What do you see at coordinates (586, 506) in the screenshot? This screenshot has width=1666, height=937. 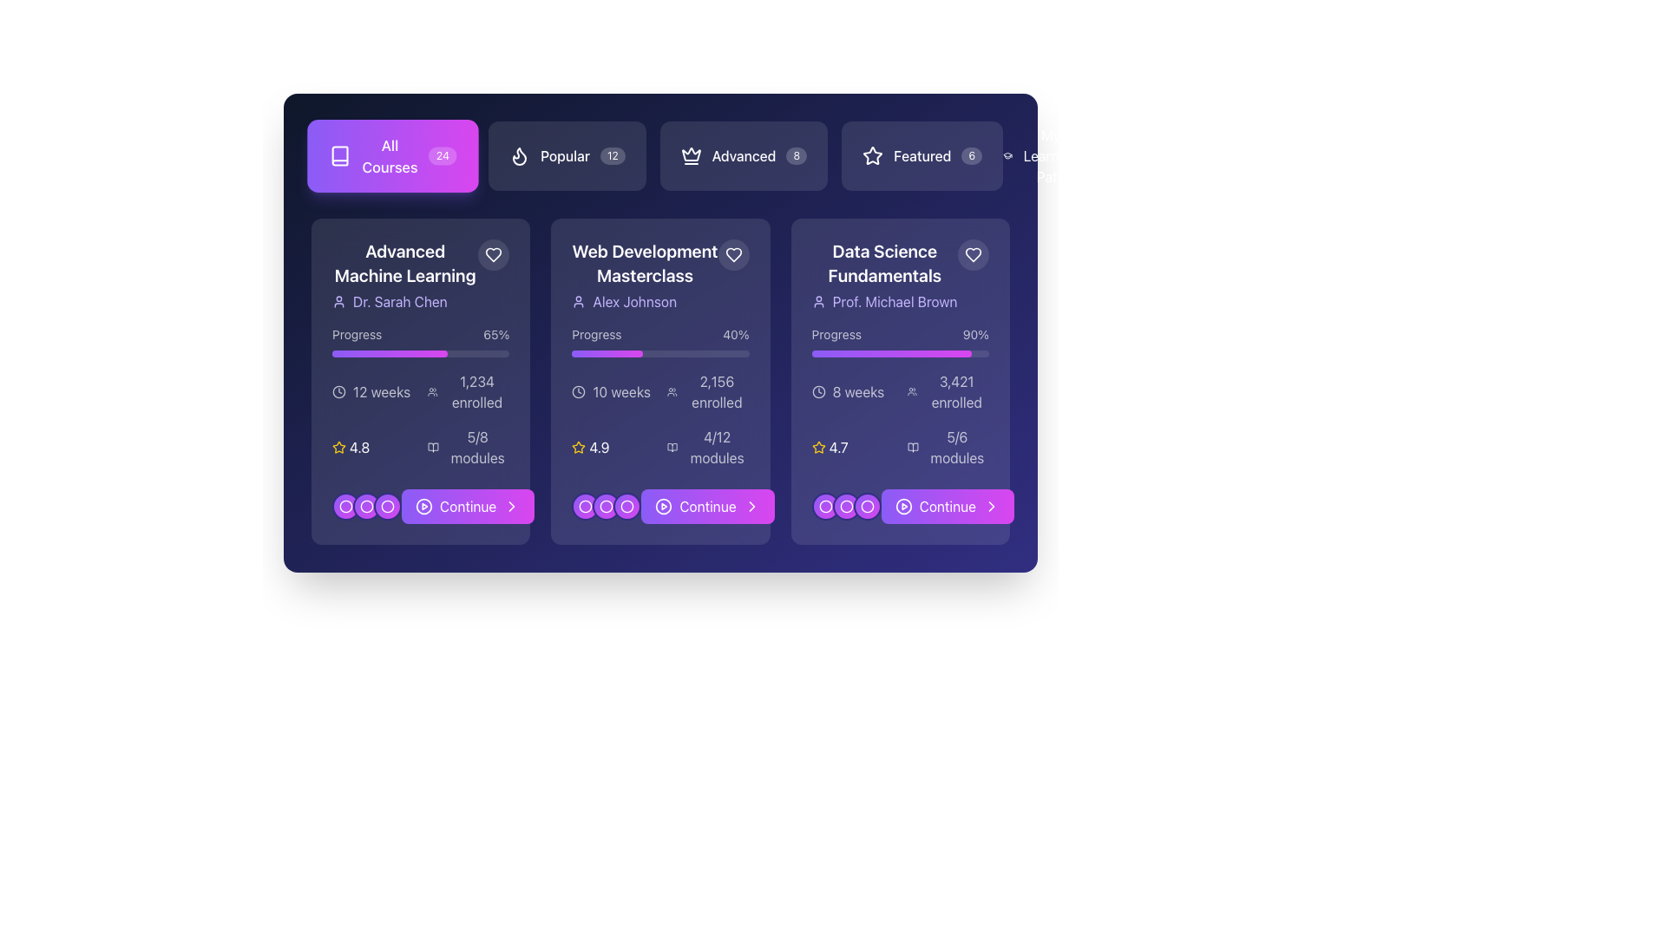 I see `the second circular icon in the progress section of the 'Web Development Masterclass' card` at bounding box center [586, 506].